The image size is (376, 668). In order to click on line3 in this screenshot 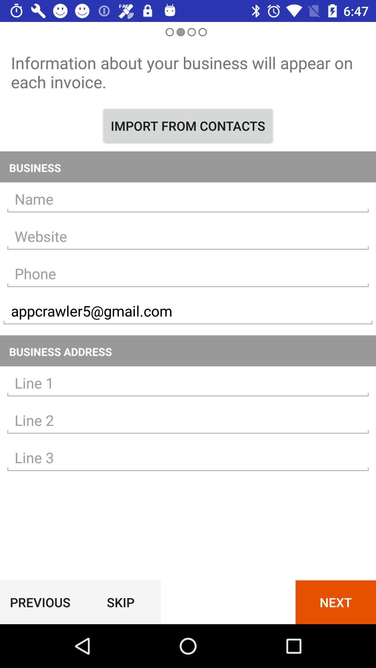, I will do `click(188, 458)`.